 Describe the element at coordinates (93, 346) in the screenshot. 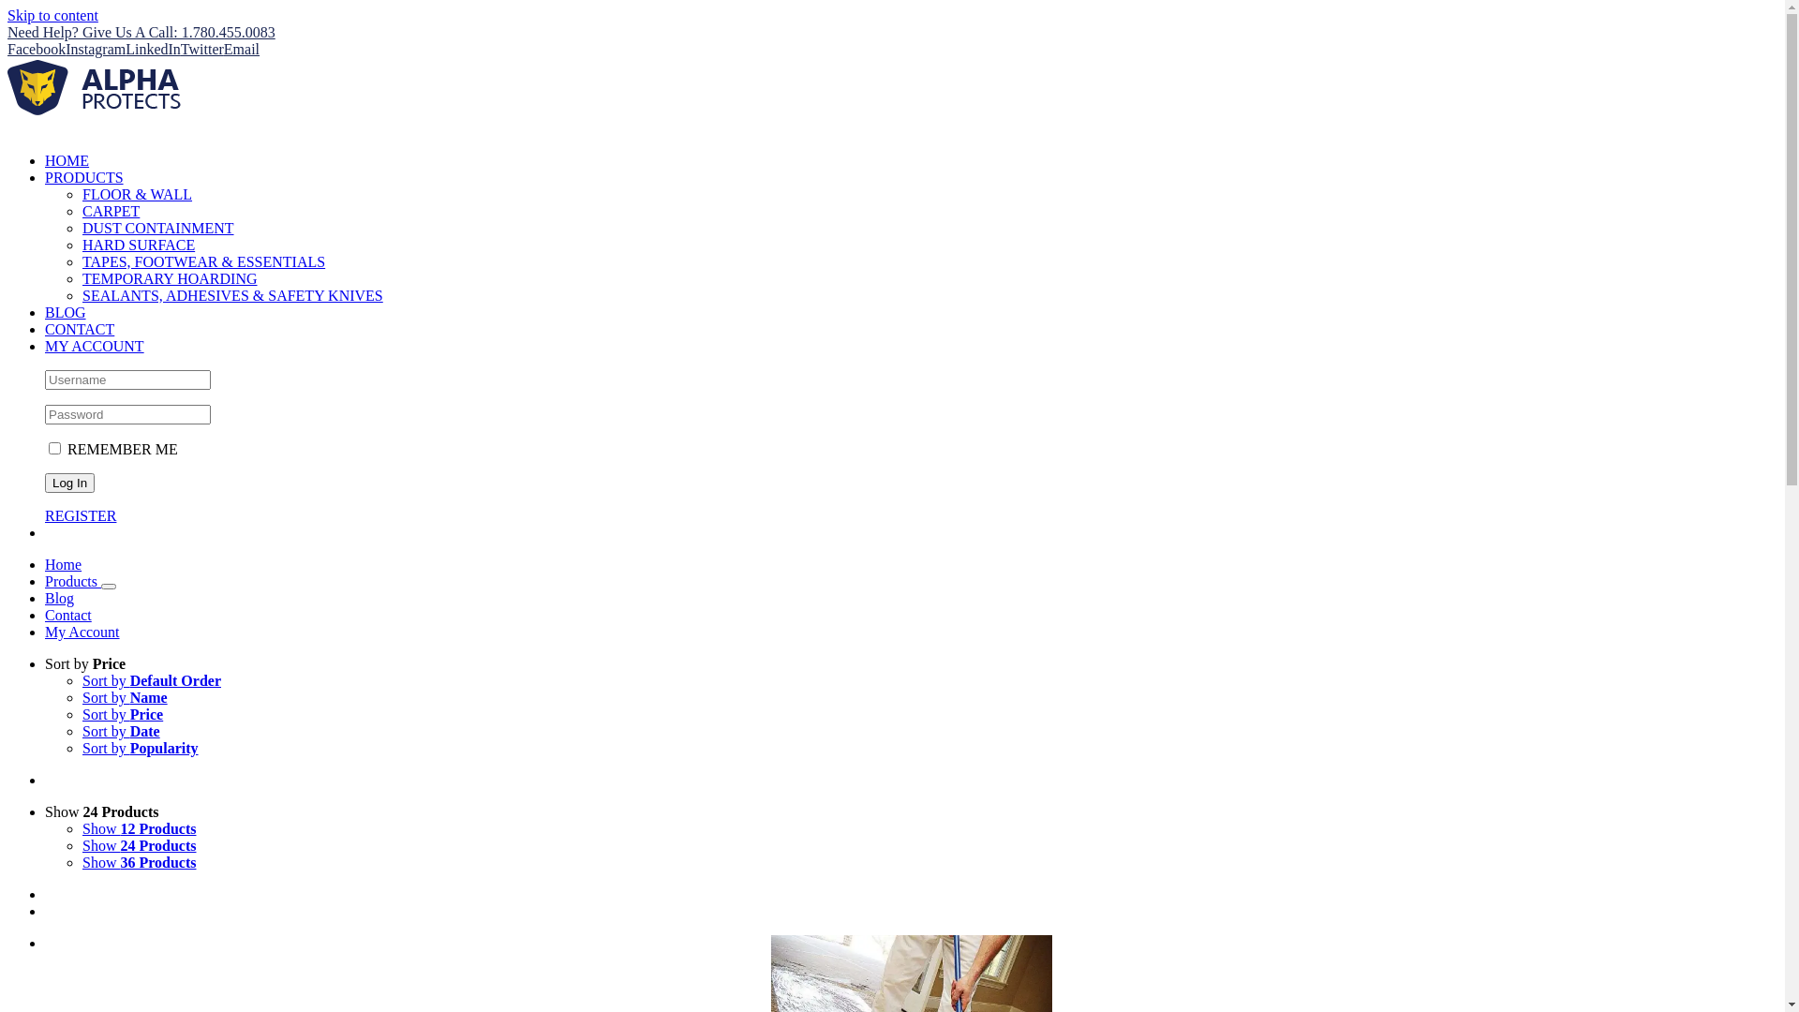

I see `'MY ACCOUNT'` at that location.